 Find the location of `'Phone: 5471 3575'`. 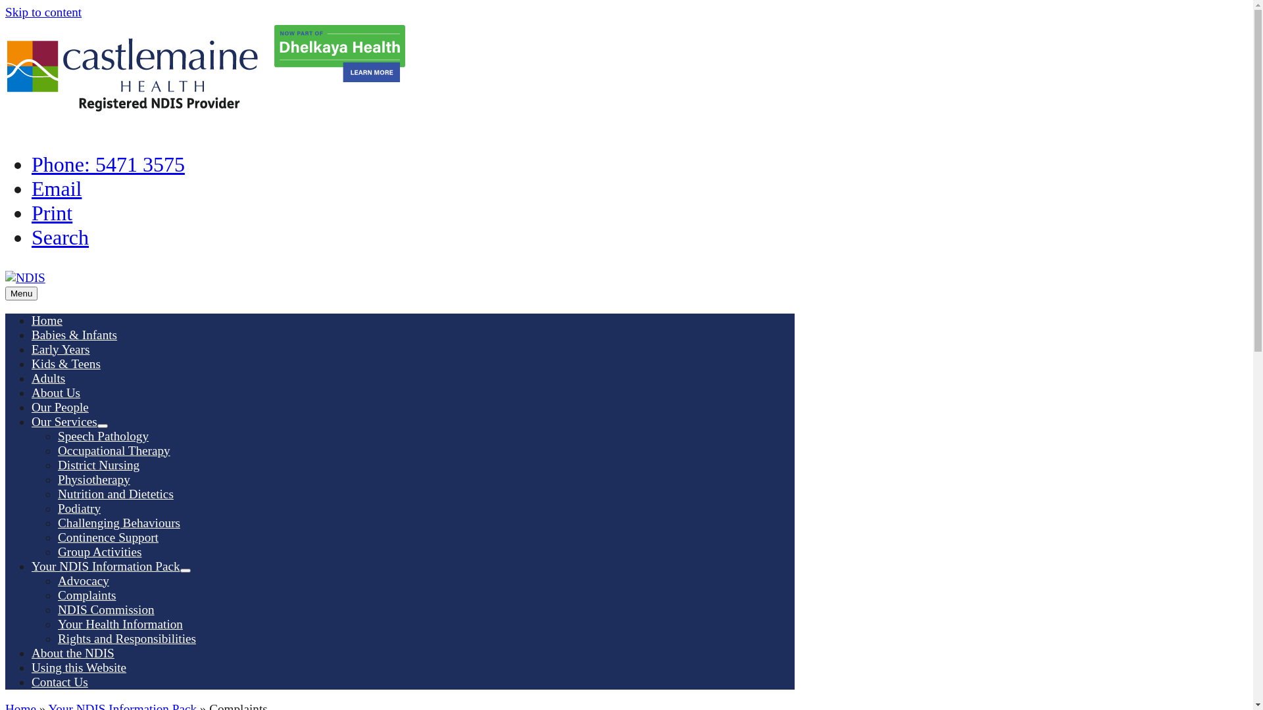

'Phone: 5471 3575' is located at coordinates (108, 164).